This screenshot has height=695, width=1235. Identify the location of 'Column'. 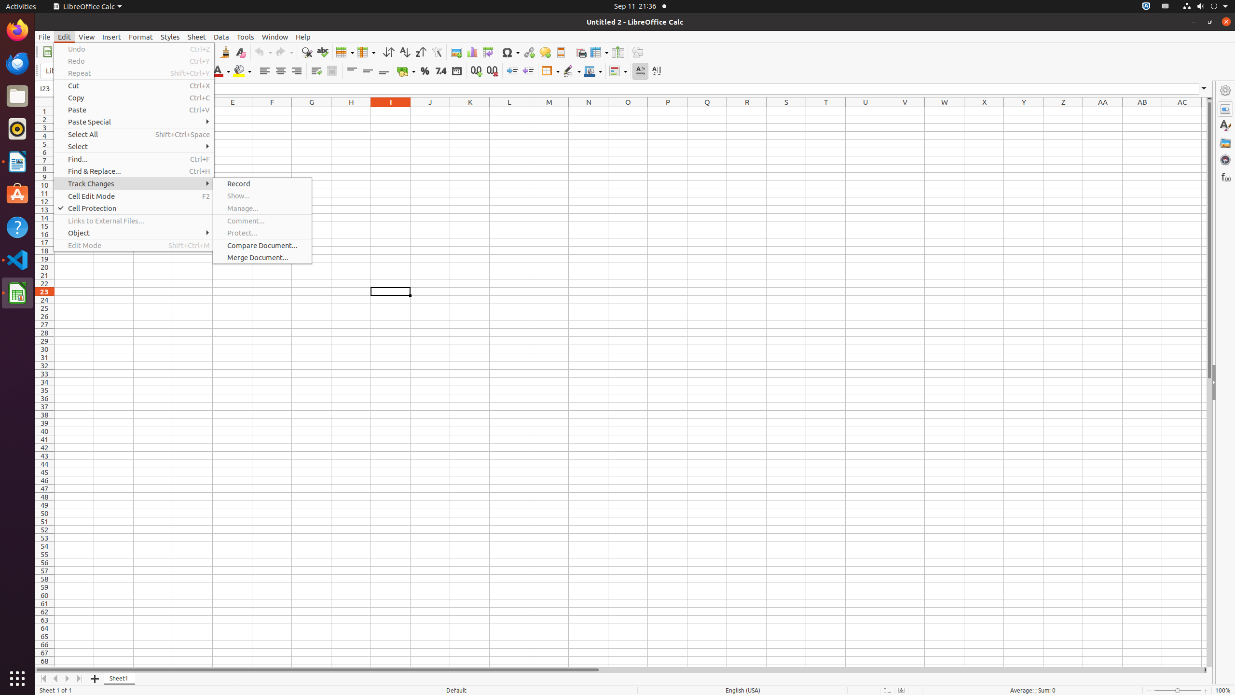
(366, 52).